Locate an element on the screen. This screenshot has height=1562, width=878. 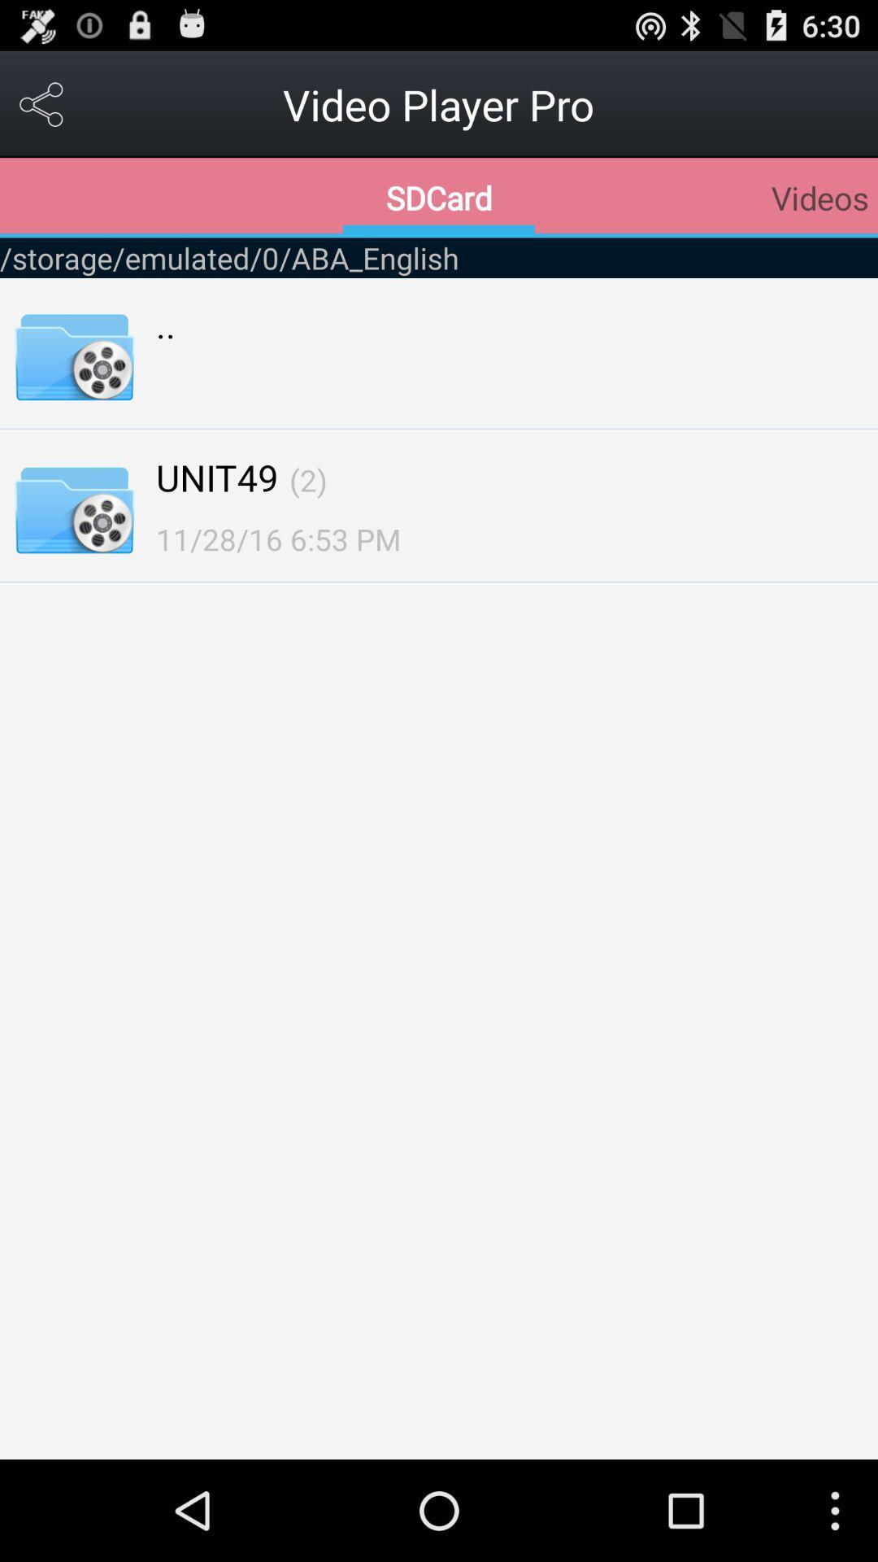
share on social media is located at coordinates (41, 103).